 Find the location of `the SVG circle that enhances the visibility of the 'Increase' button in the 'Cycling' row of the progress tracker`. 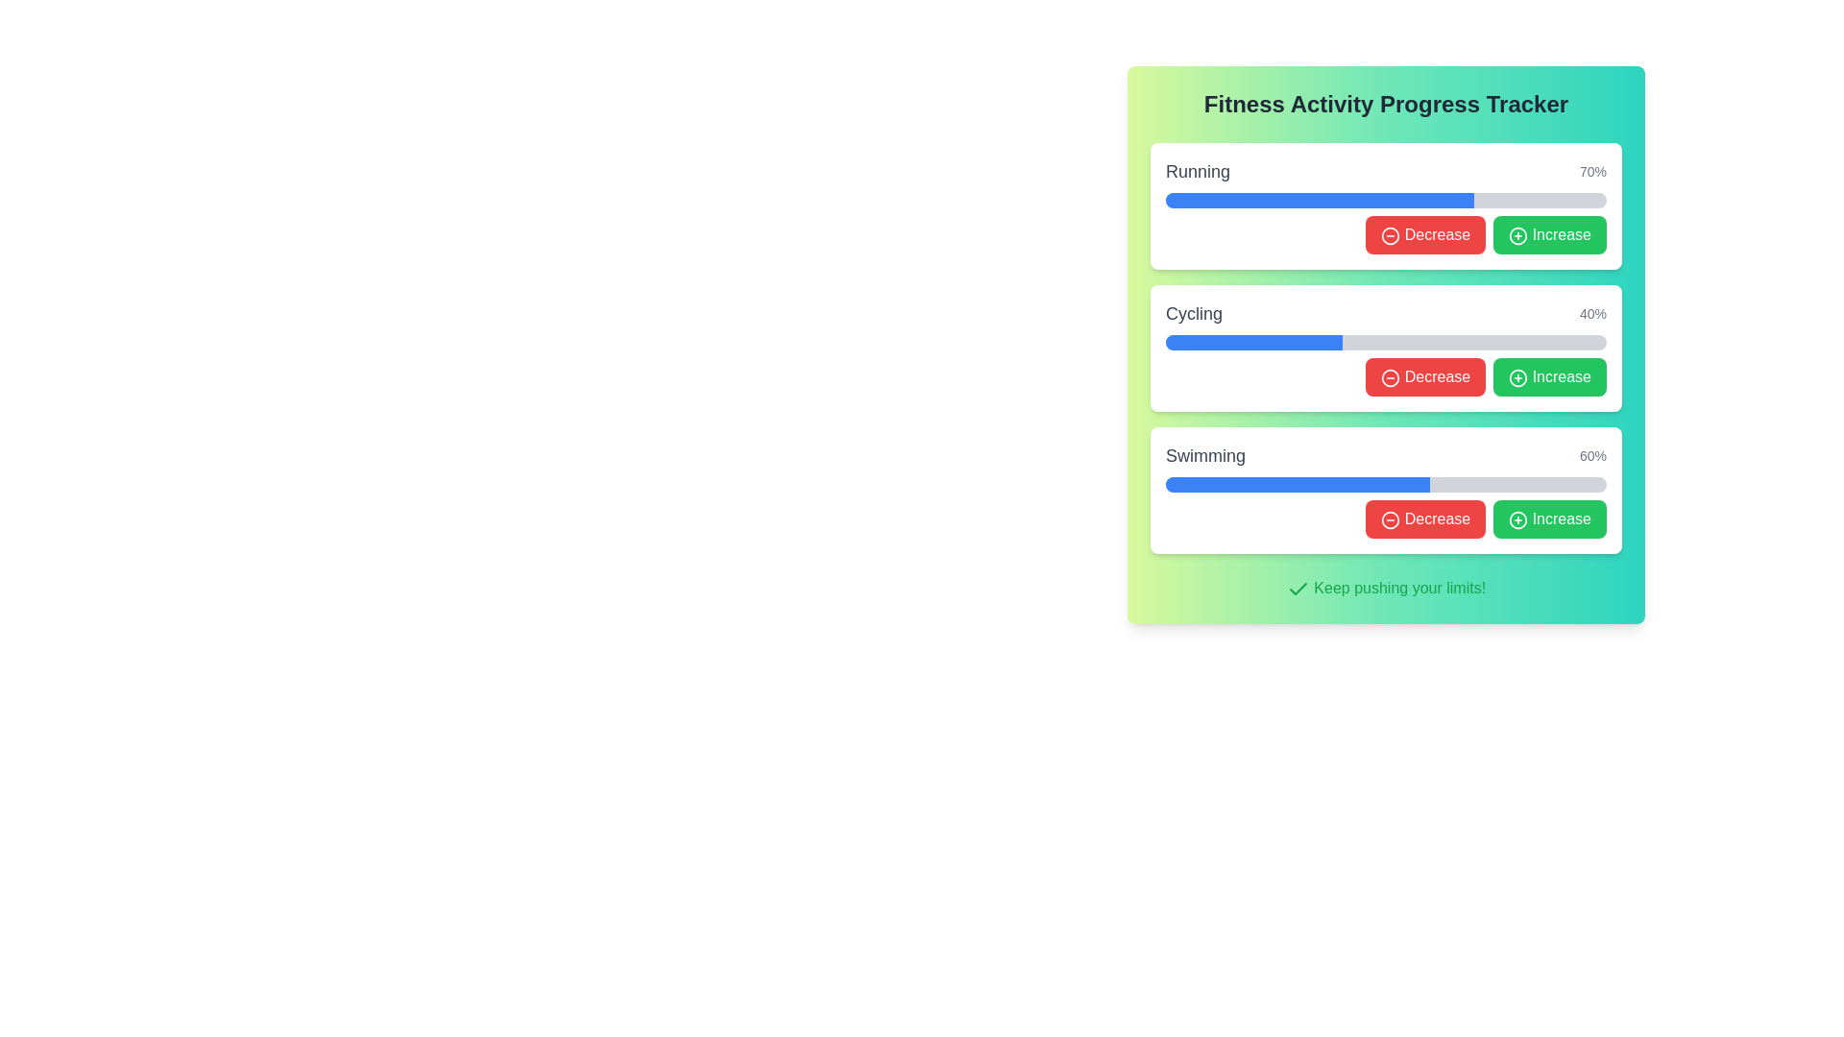

the SVG circle that enhances the visibility of the 'Increase' button in the 'Cycling' row of the progress tracker is located at coordinates (1517, 377).